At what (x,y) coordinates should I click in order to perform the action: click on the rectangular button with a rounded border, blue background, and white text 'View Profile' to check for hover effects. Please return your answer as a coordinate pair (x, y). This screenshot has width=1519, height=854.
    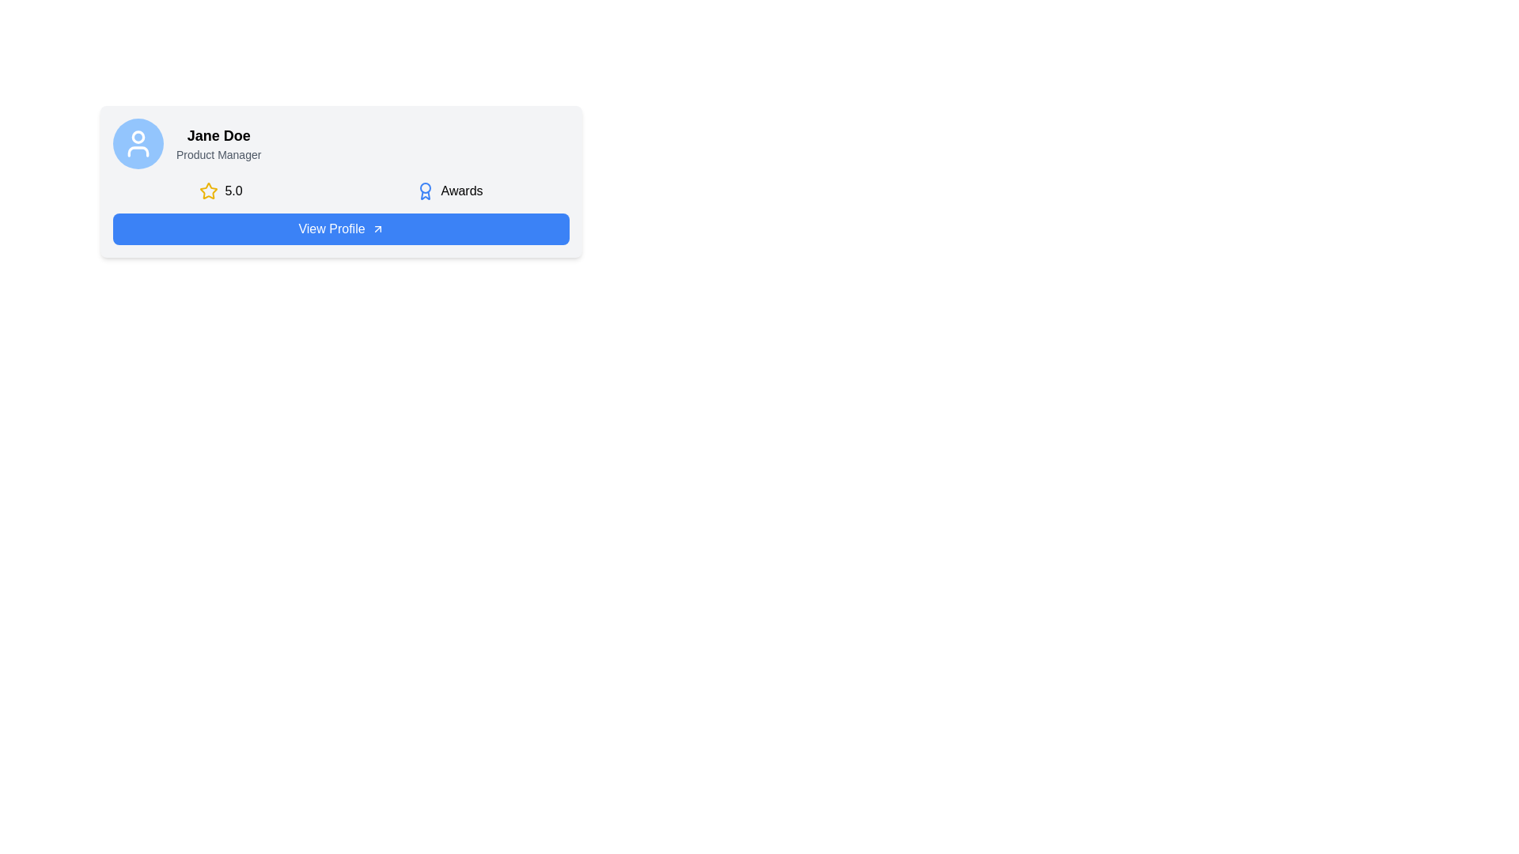
    Looking at the image, I should click on (340, 229).